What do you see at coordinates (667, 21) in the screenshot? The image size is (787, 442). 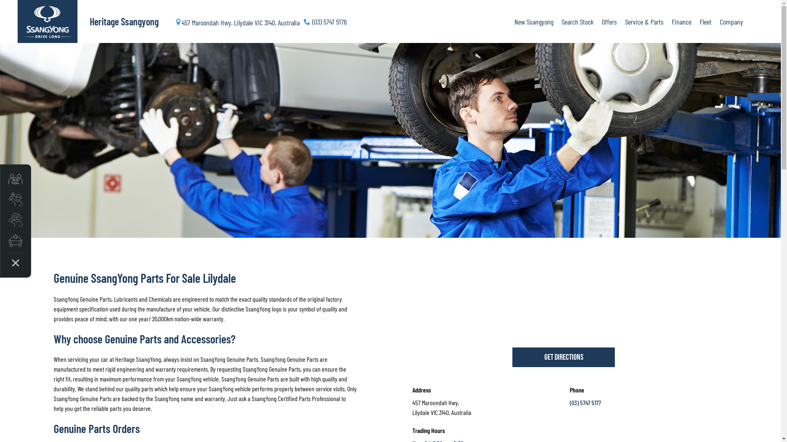 I see `'Finance'` at bounding box center [667, 21].